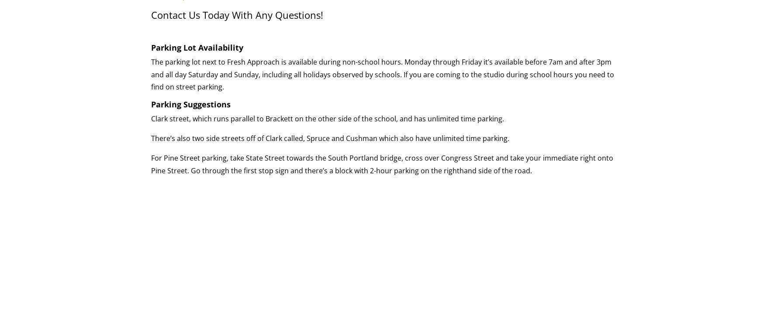 This screenshot has height=330, width=774. Describe the element at coordinates (349, 61) in the screenshot. I see `'The parking lot next to Fresh Approach is available during non-school hours. Monday through Friday it’s available before'` at that location.